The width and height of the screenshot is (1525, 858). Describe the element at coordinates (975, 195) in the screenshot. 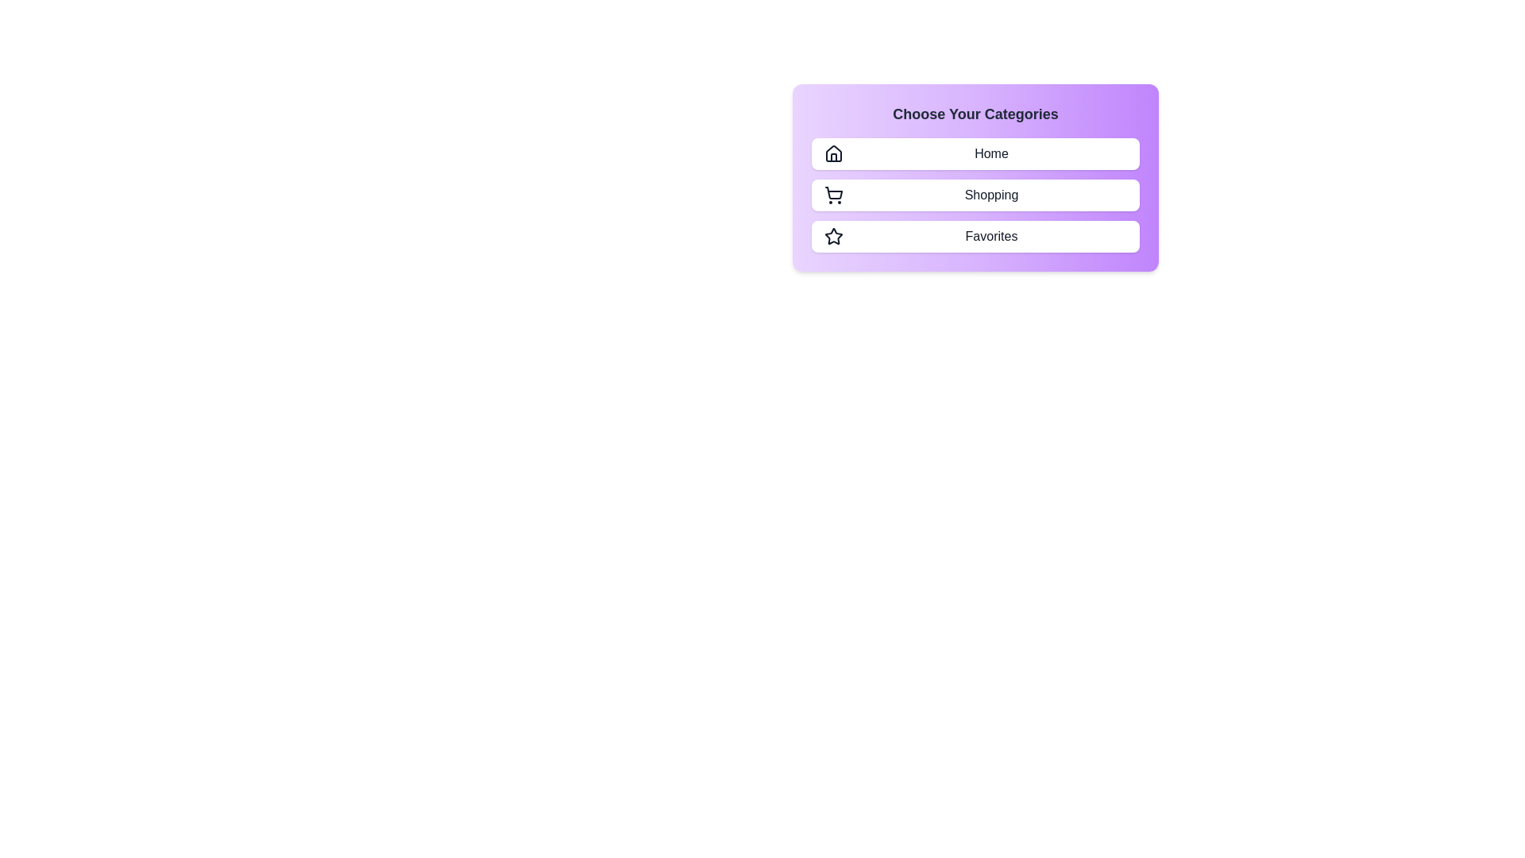

I see `the 'Shopping' category chip to toggle its activation state` at that location.